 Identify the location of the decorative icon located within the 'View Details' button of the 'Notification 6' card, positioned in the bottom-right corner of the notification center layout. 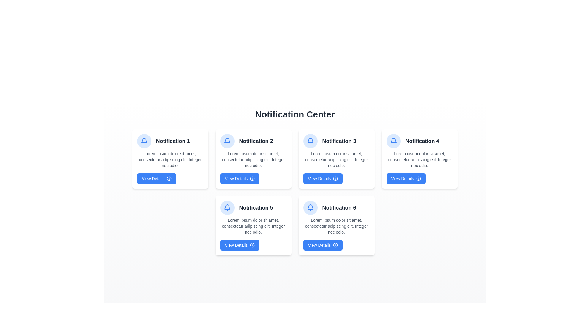
(335, 245).